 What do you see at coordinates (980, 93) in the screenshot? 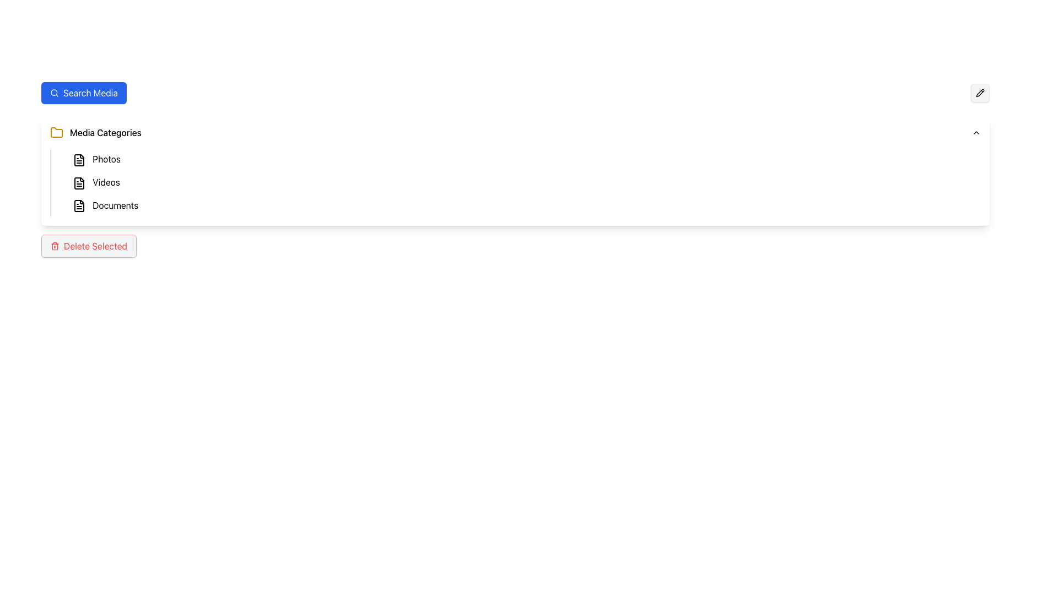
I see `the edit button located in the top-right corner of the interface` at bounding box center [980, 93].